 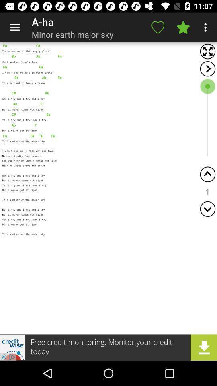 I want to click on go up, so click(x=207, y=174).